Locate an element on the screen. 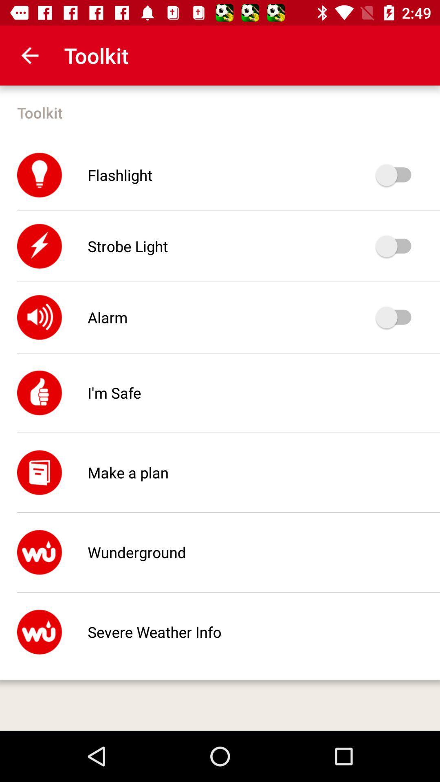  move to icon which is left to flashlight is located at coordinates (39, 175).